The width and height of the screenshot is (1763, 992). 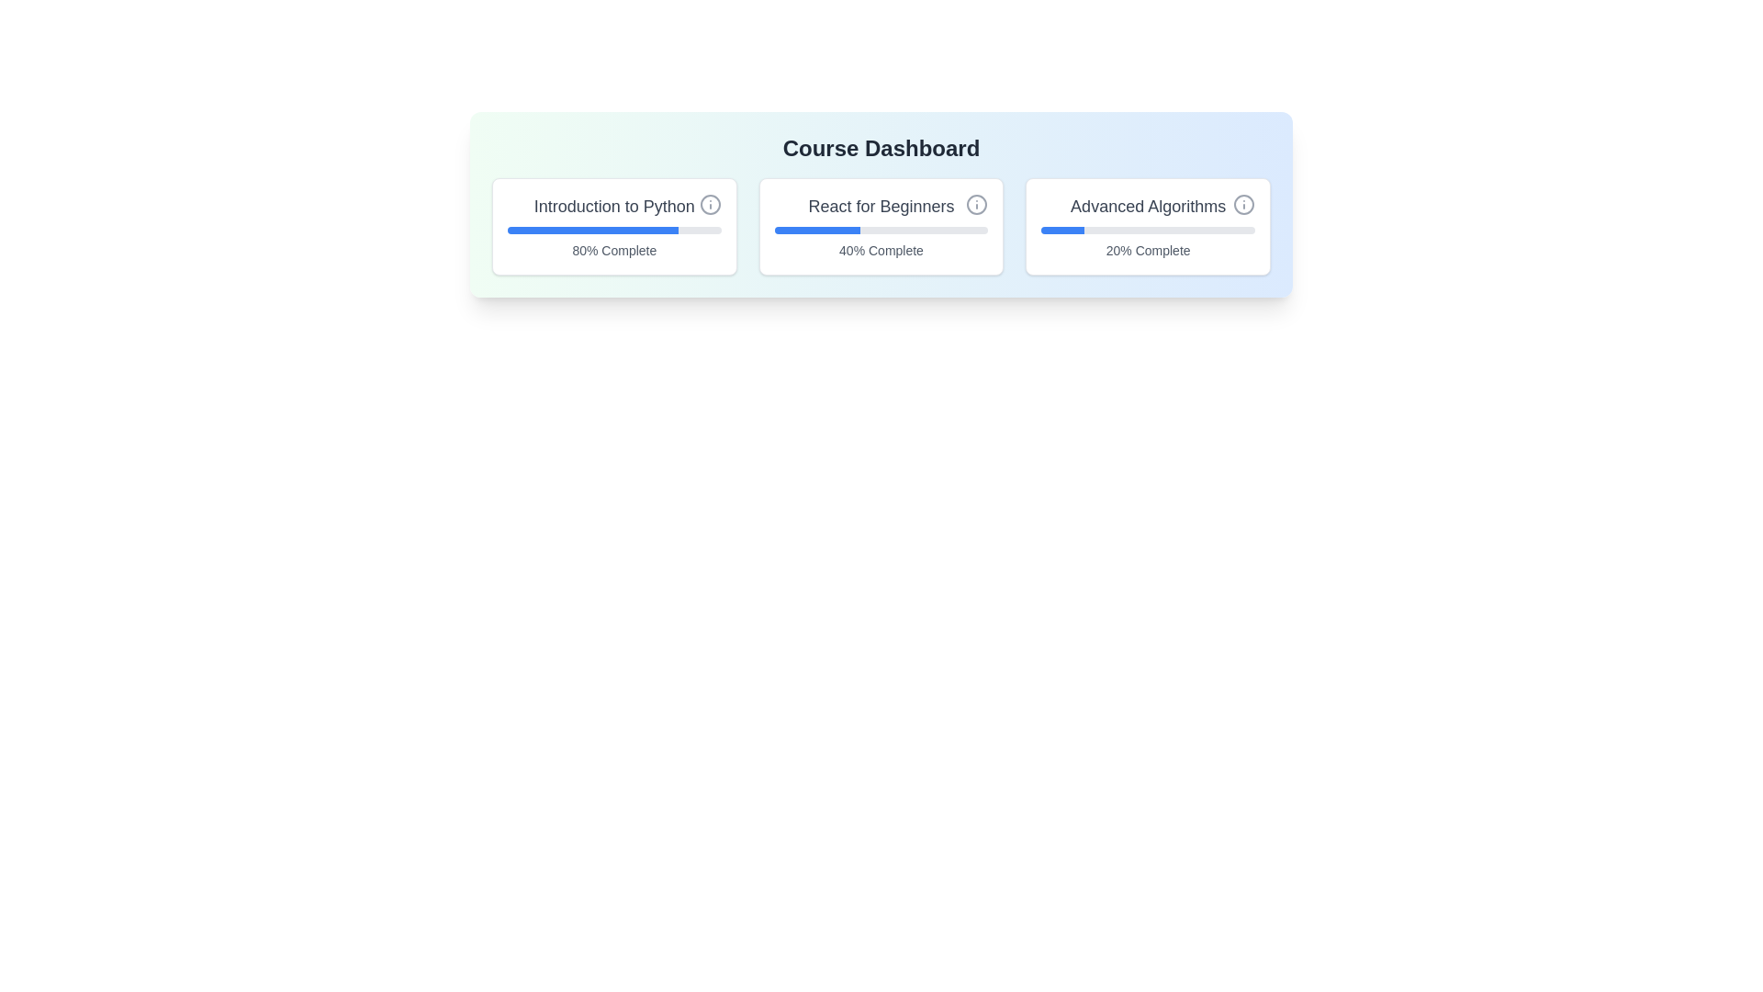 I want to click on the information button for Advanced Algorithms, so click(x=1243, y=205).